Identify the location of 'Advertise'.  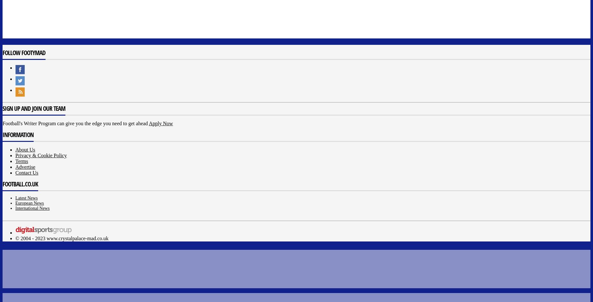
(25, 167).